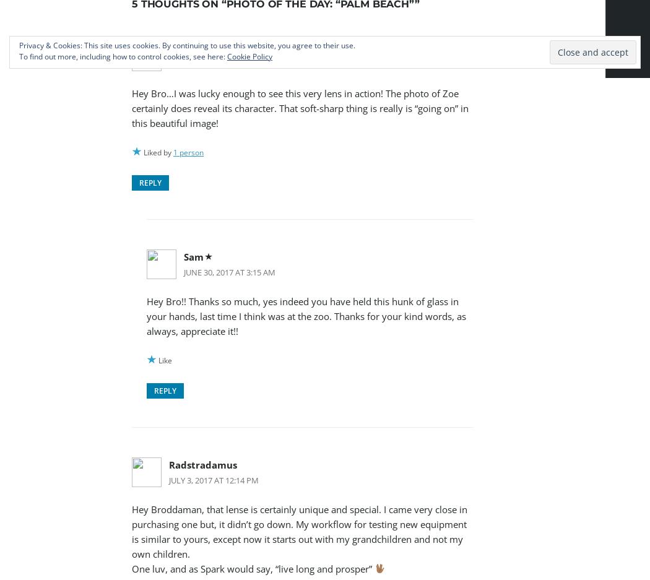 This screenshot has width=650, height=580. What do you see at coordinates (300, 108) in the screenshot?
I see `'Hey Bro…I was lucky enough to see this very lens in action! The photo of Zoe certainly does reveal its character. That soft-sharp thing is really is “going on” in this beautiful image!'` at bounding box center [300, 108].